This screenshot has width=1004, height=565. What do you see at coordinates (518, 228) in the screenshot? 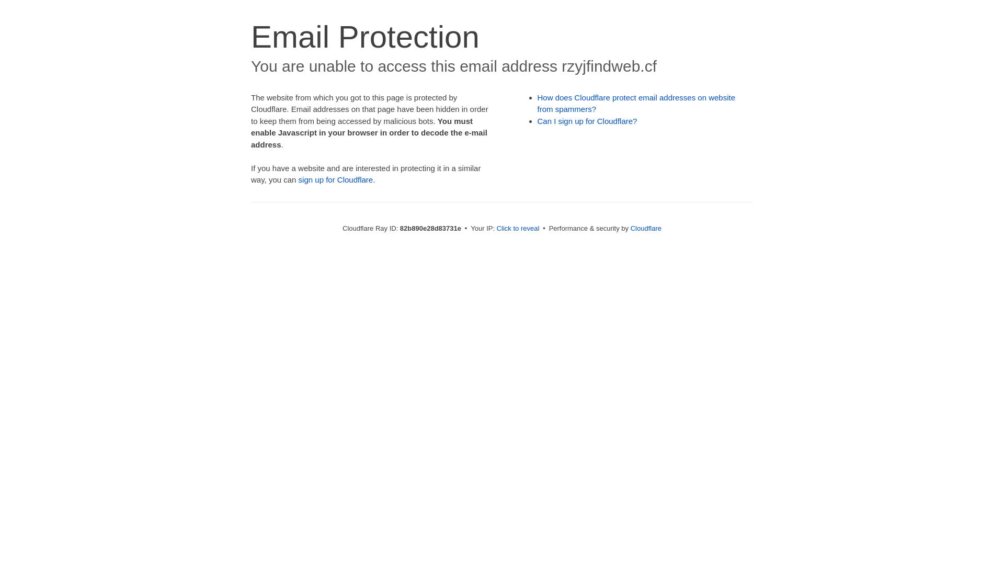
I see `'Click to reveal'` at bounding box center [518, 228].